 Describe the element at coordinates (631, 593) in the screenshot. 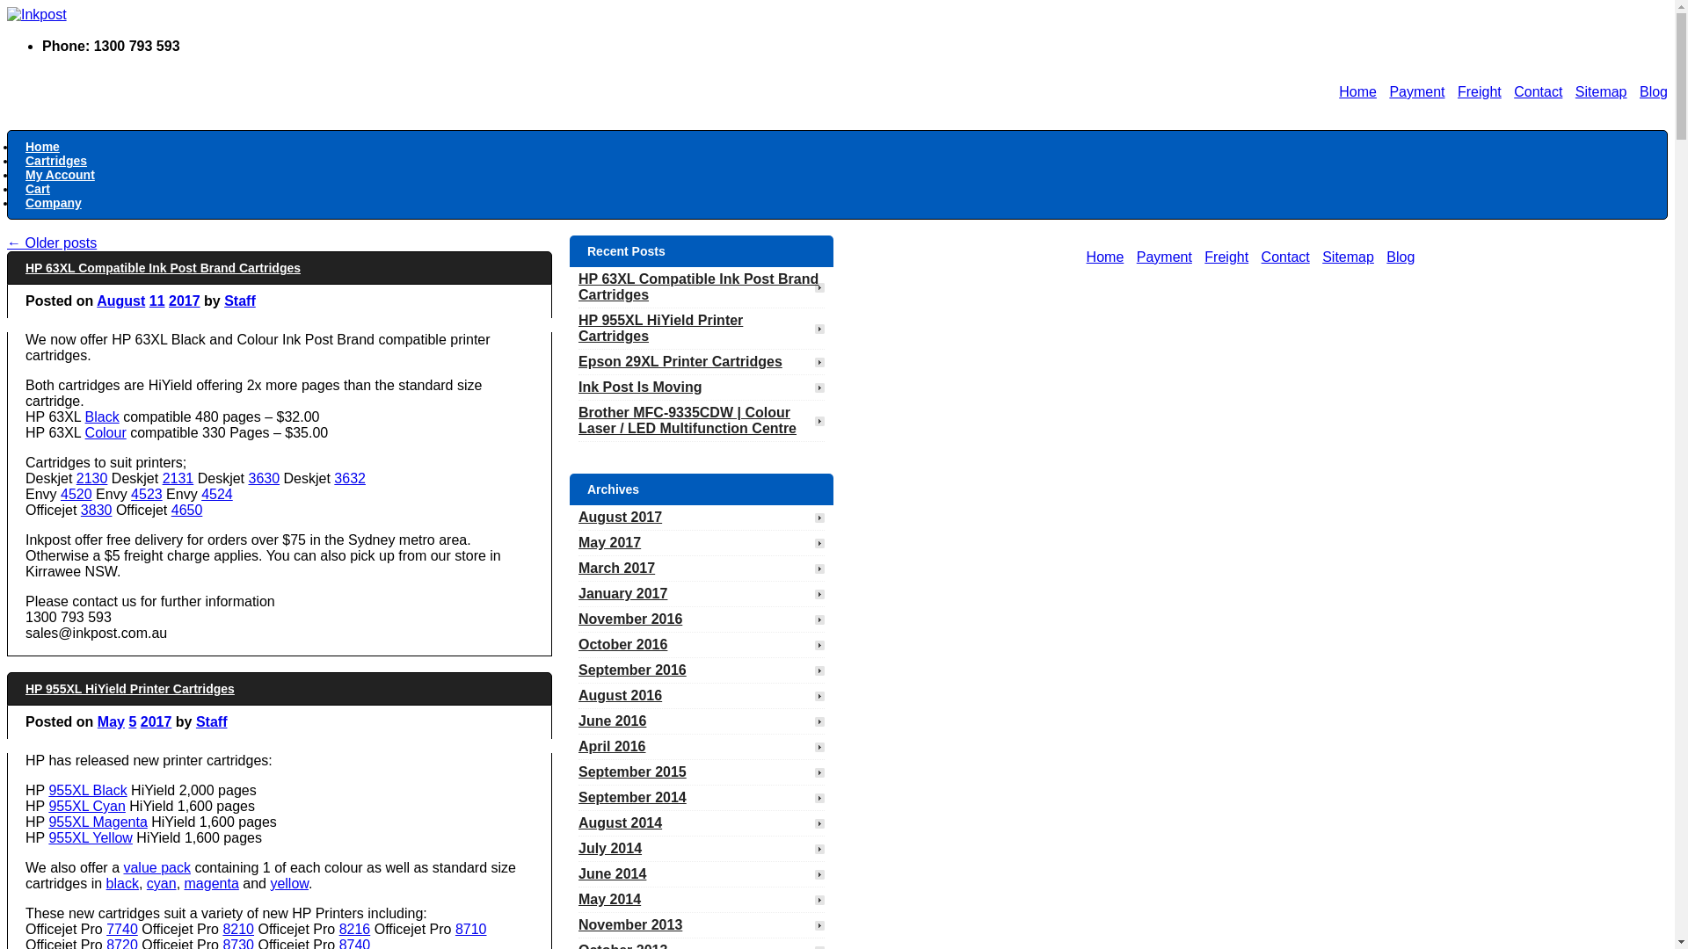

I see `'January 2017'` at that location.